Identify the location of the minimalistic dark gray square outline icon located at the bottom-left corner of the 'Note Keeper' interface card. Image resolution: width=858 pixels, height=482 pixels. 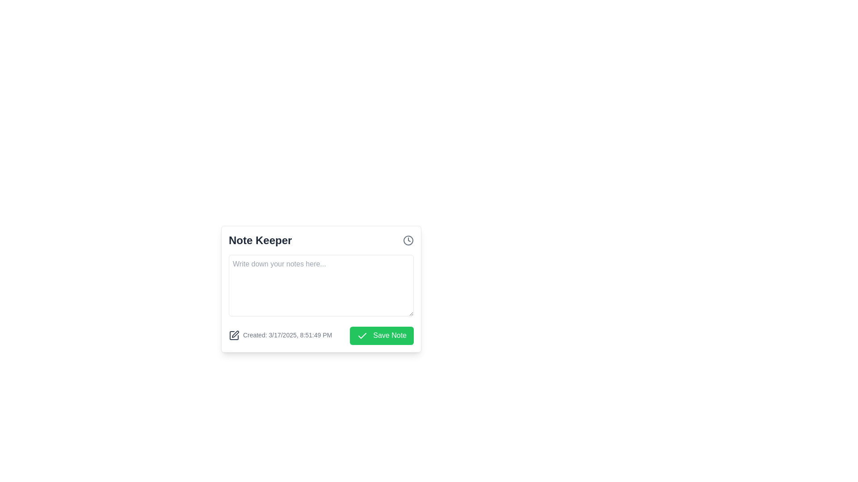
(234, 336).